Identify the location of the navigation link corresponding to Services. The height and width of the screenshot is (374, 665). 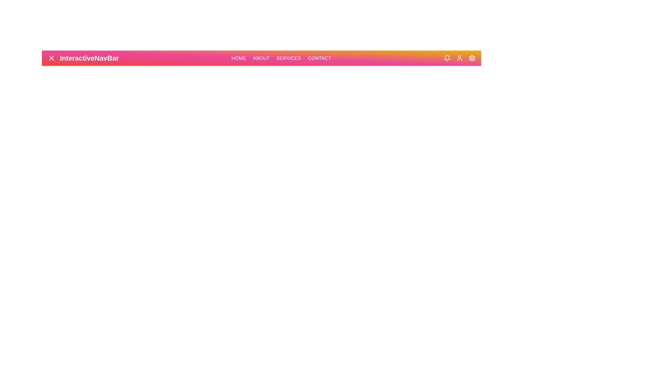
(289, 58).